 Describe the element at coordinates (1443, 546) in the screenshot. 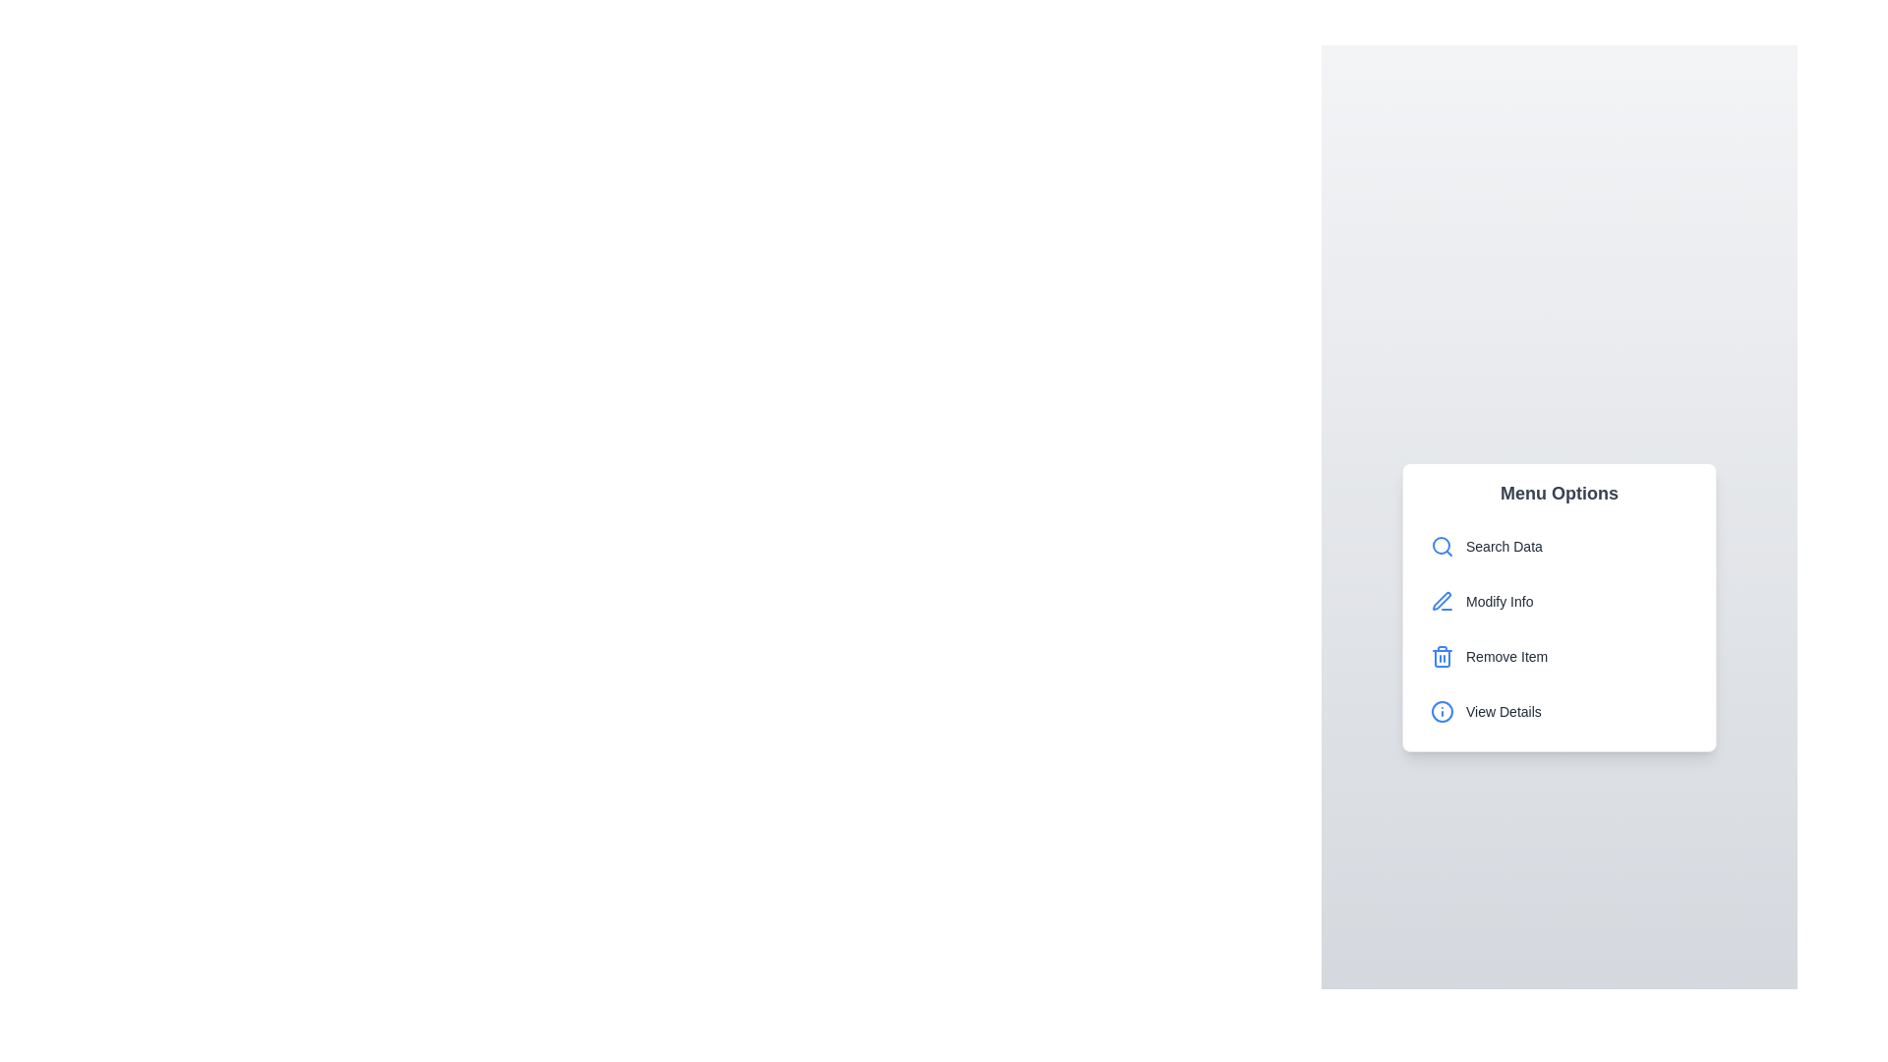

I see `the search icon represented as a magnifying glass with a blue stroke, located to the left of the label 'Search Data' in the 'Menu Options' panel` at that location.